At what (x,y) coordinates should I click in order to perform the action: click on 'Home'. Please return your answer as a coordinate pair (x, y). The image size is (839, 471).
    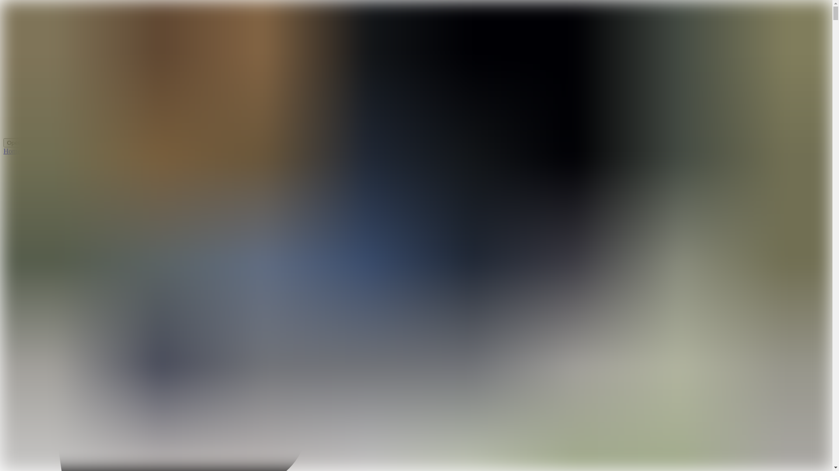
    Looking at the image, I should click on (12, 150).